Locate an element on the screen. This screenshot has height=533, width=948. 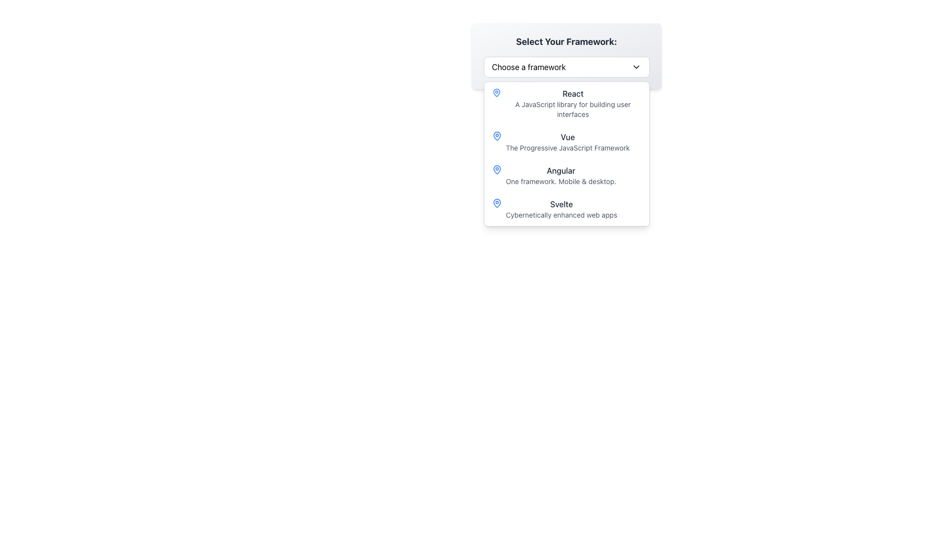
the selectable list item labeled 'Angular' with the description 'One framework. Mobile & desktop' located in the dropdown menu under 'Select Your Framework' is located at coordinates (561, 175).